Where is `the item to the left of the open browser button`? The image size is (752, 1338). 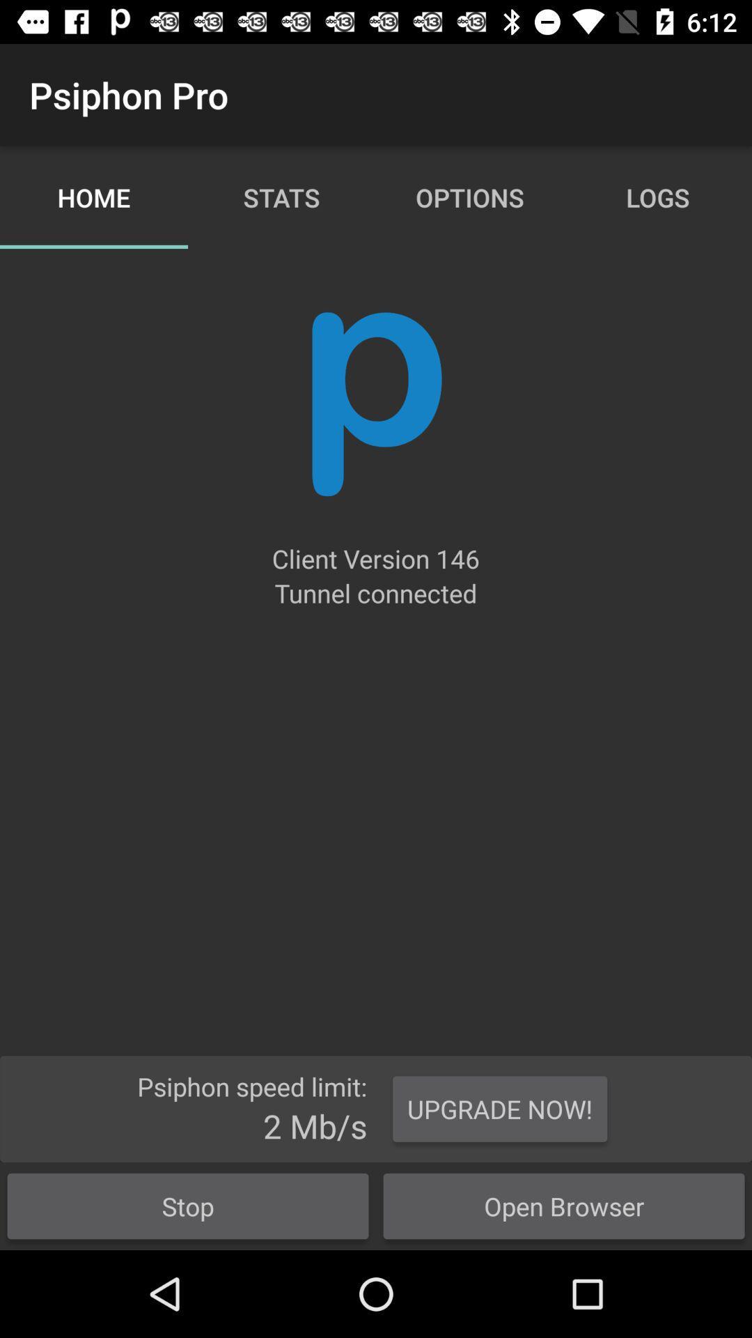
the item to the left of the open browser button is located at coordinates (188, 1206).